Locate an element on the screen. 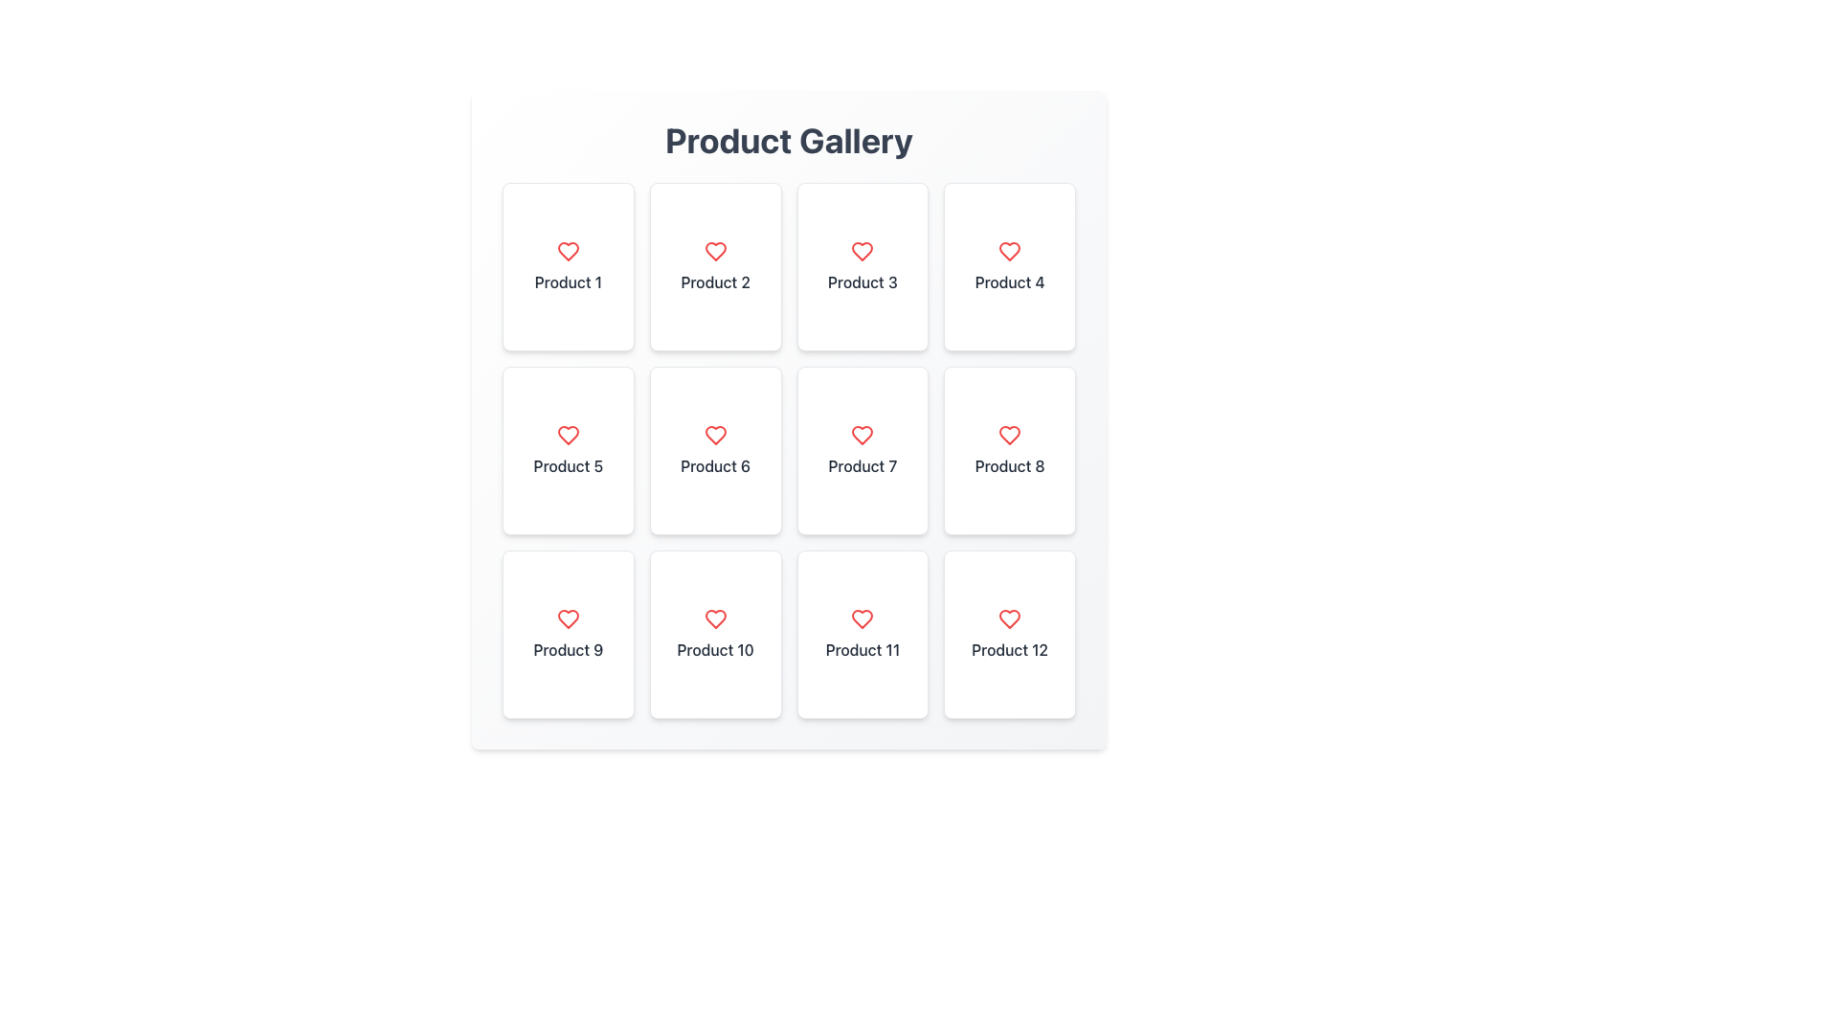 This screenshot has width=1838, height=1034. the Text Label that identifies the product in the grid, located in the third row and second column, centered horizontally below the heart icon is located at coordinates (1009, 465).